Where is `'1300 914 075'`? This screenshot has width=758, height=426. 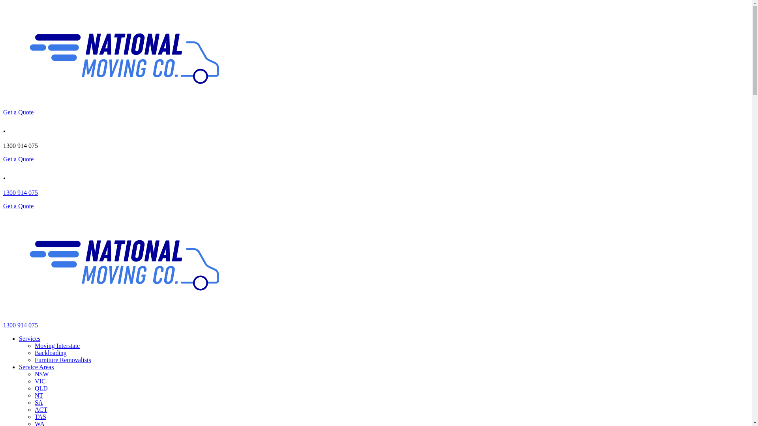
'1300 914 075' is located at coordinates (21, 192).